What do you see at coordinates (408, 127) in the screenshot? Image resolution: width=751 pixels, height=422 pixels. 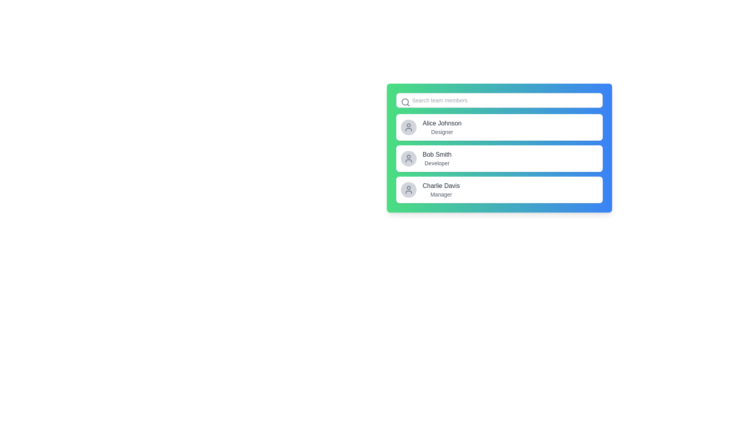 I see `the user icon representing 'Alice Johnson - Designer', which is a minimalist gray silhouette icon located to the left of the text label` at bounding box center [408, 127].